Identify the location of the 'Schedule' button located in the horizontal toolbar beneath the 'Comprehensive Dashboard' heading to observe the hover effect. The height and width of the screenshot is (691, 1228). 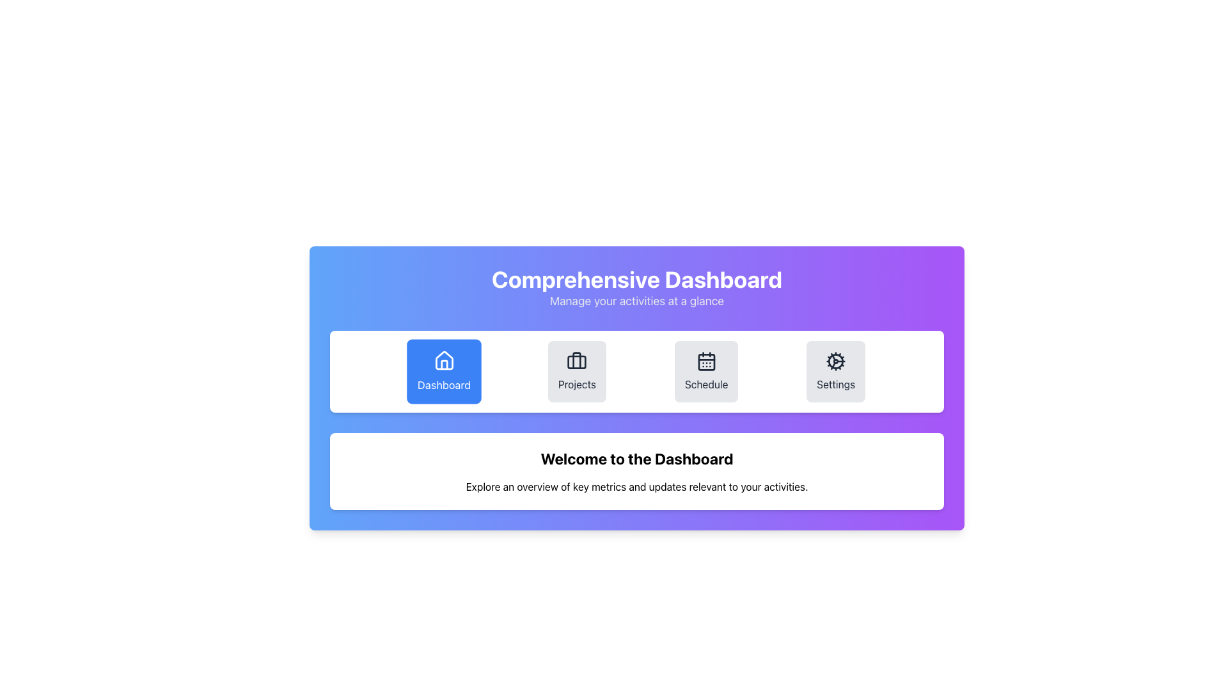
(705, 372).